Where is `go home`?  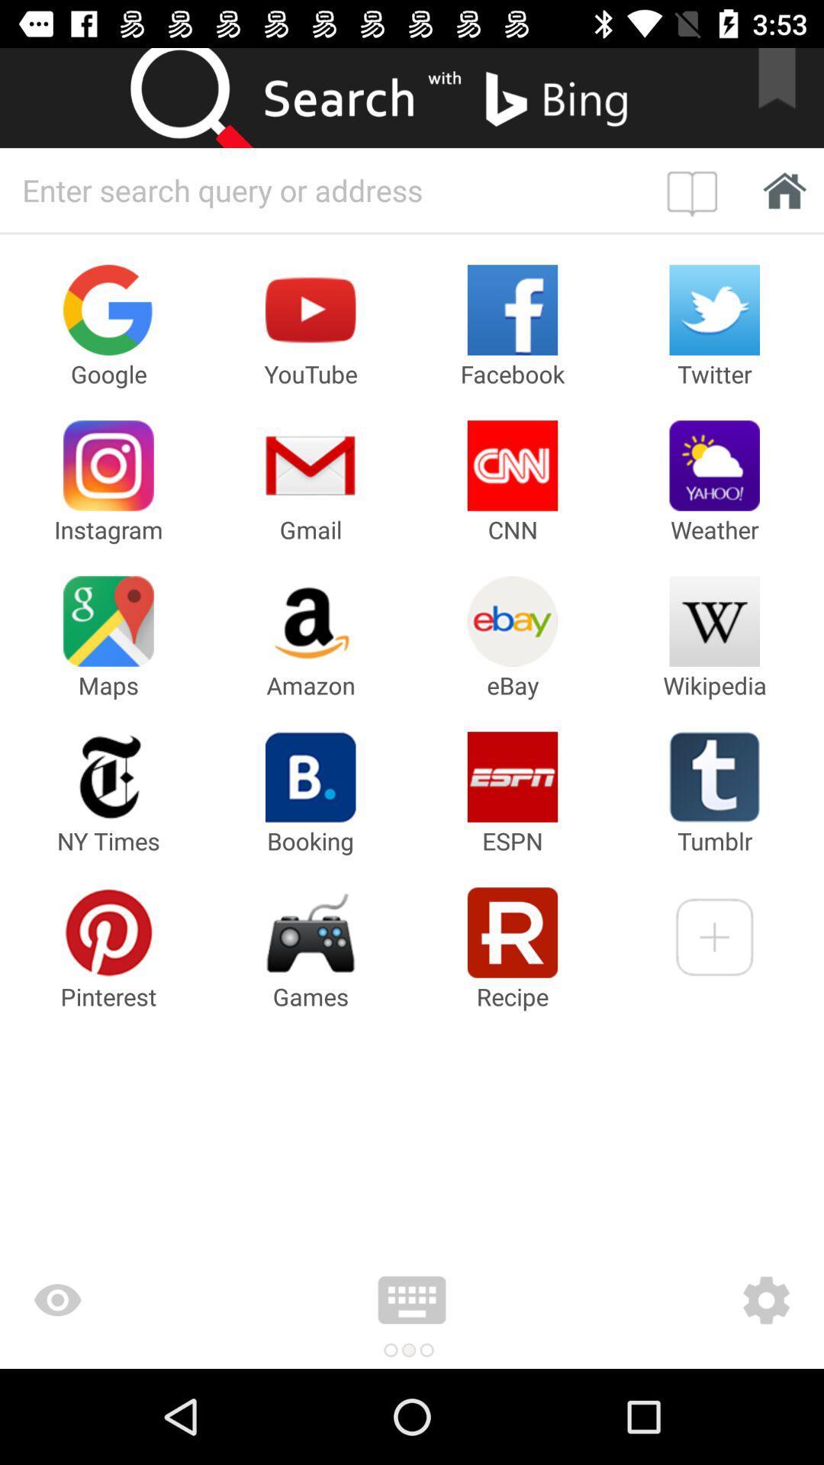 go home is located at coordinates (780, 189).